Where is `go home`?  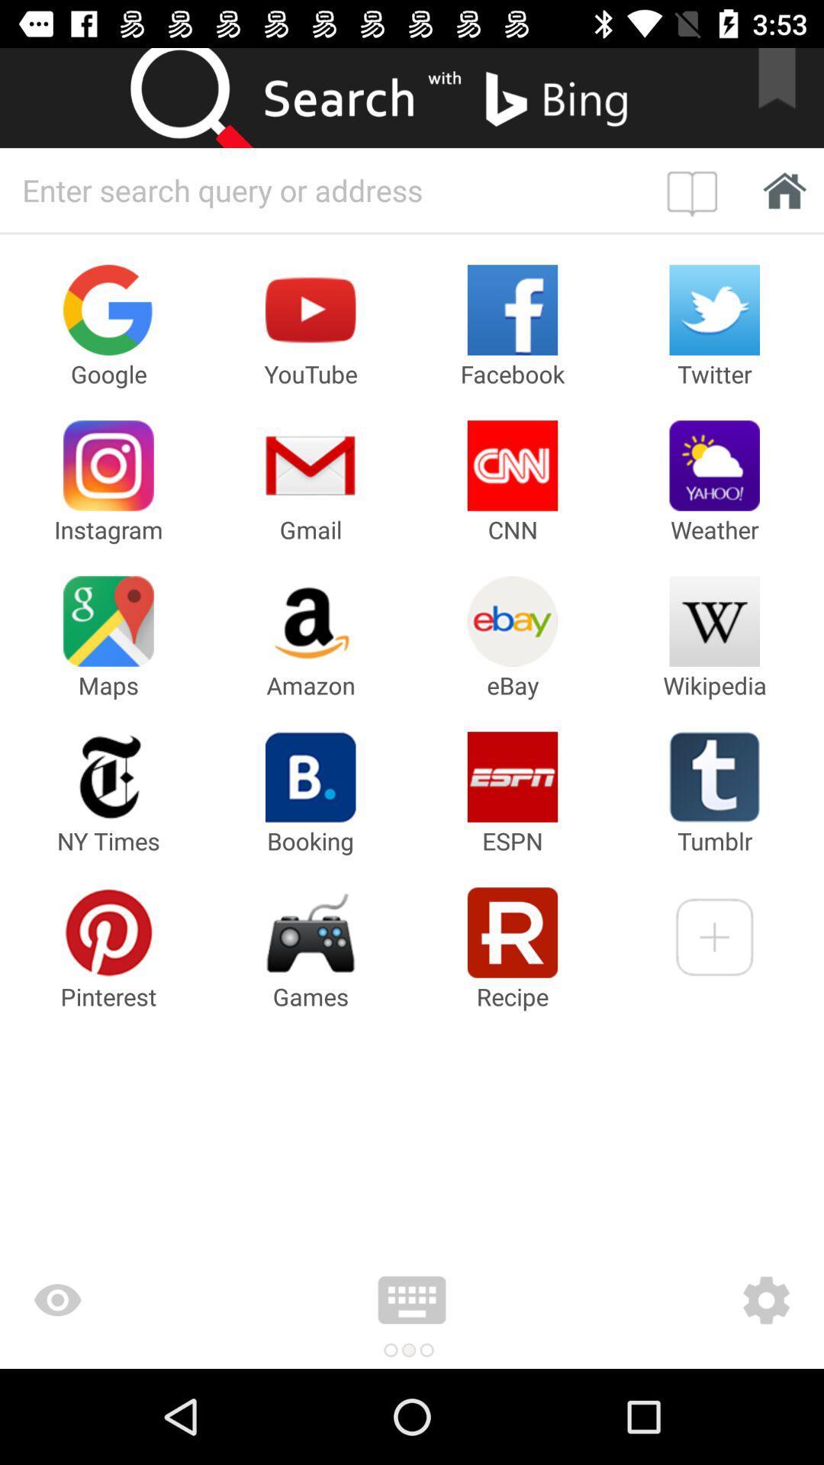 go home is located at coordinates (780, 189).